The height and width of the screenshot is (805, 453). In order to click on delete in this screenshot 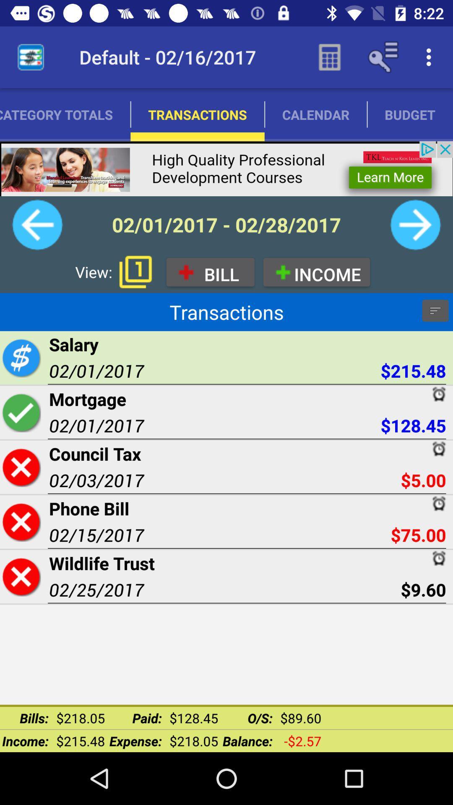, I will do `click(21, 576)`.